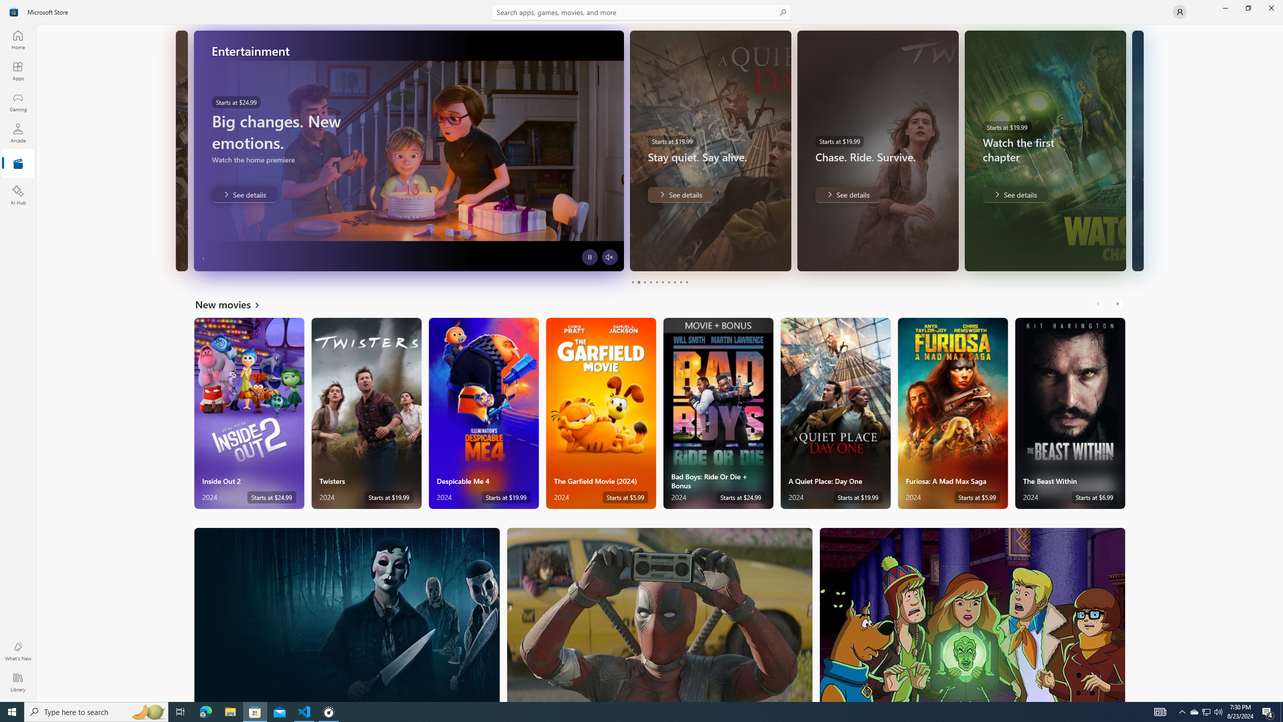 The width and height of the screenshot is (1283, 722). I want to click on 'Page 3', so click(644, 282).